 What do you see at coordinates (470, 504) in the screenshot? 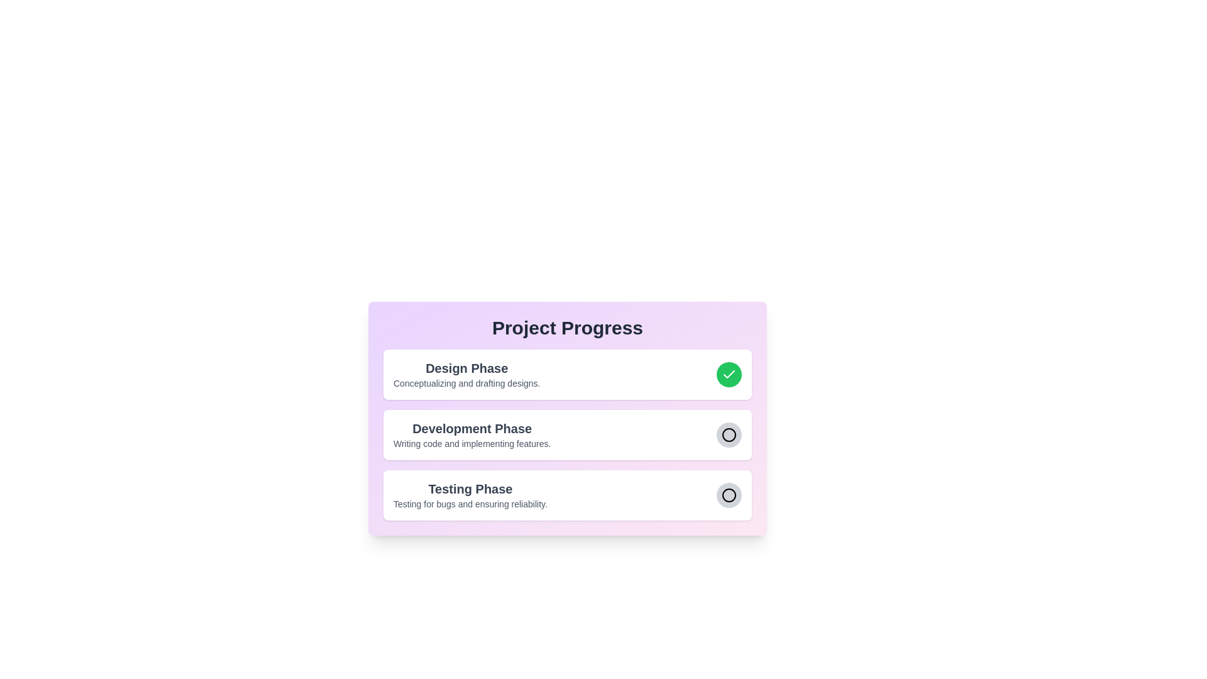
I see `the text element that reads 'Testing for bugs and ensuring reliability,' which is styled in a smaller gray font and located below the heading 'Testing Phase.'` at bounding box center [470, 504].